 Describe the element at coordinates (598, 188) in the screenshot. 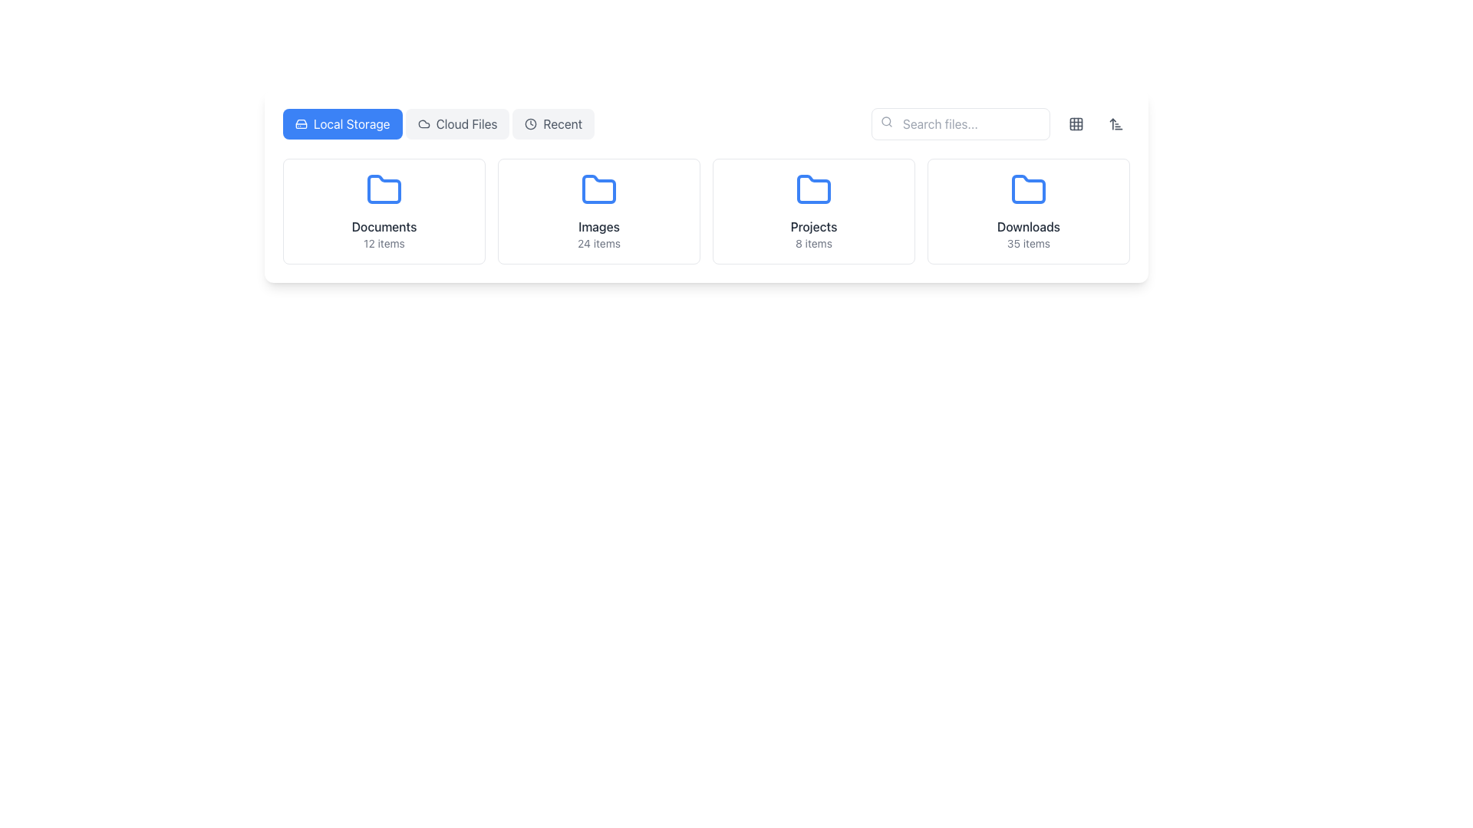

I see `the light blue folder icon labeled 'Images'` at that location.